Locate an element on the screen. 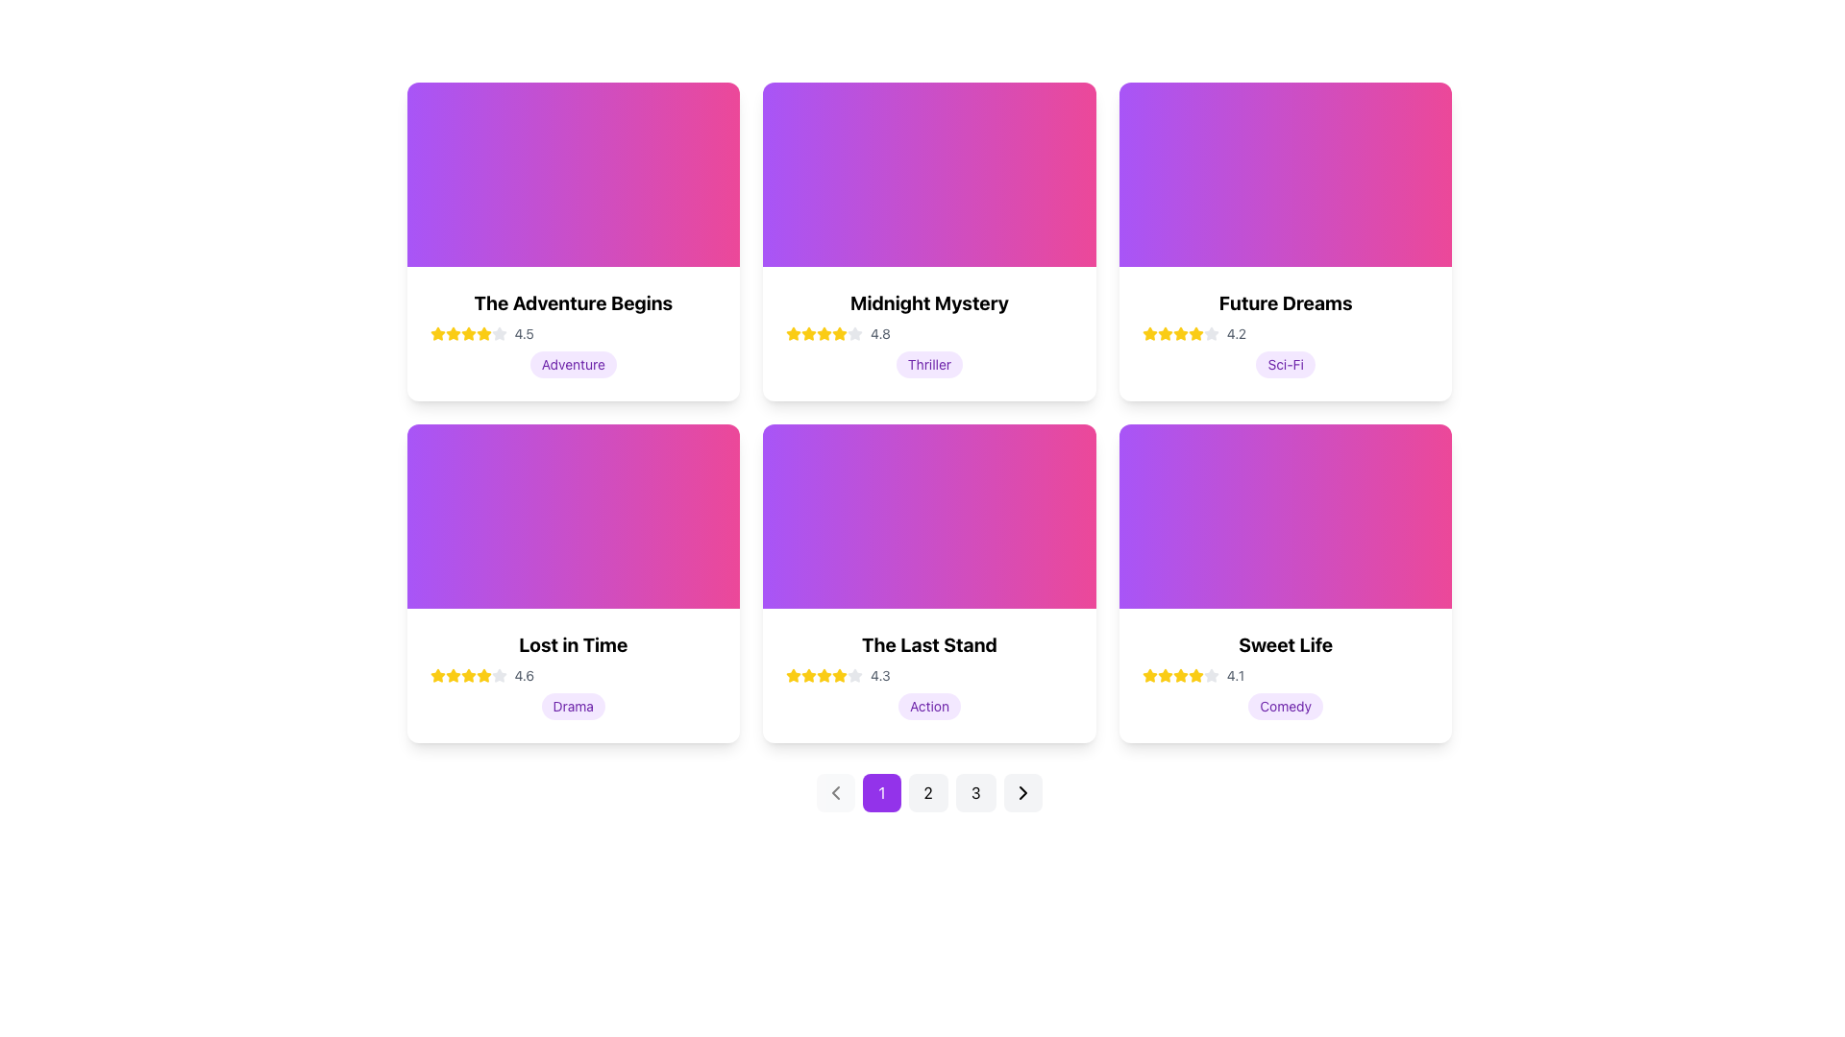  the second star-shaped icon in the ratings section of the card titled 'The Adventure Begins' to rate it is located at coordinates (499, 332).